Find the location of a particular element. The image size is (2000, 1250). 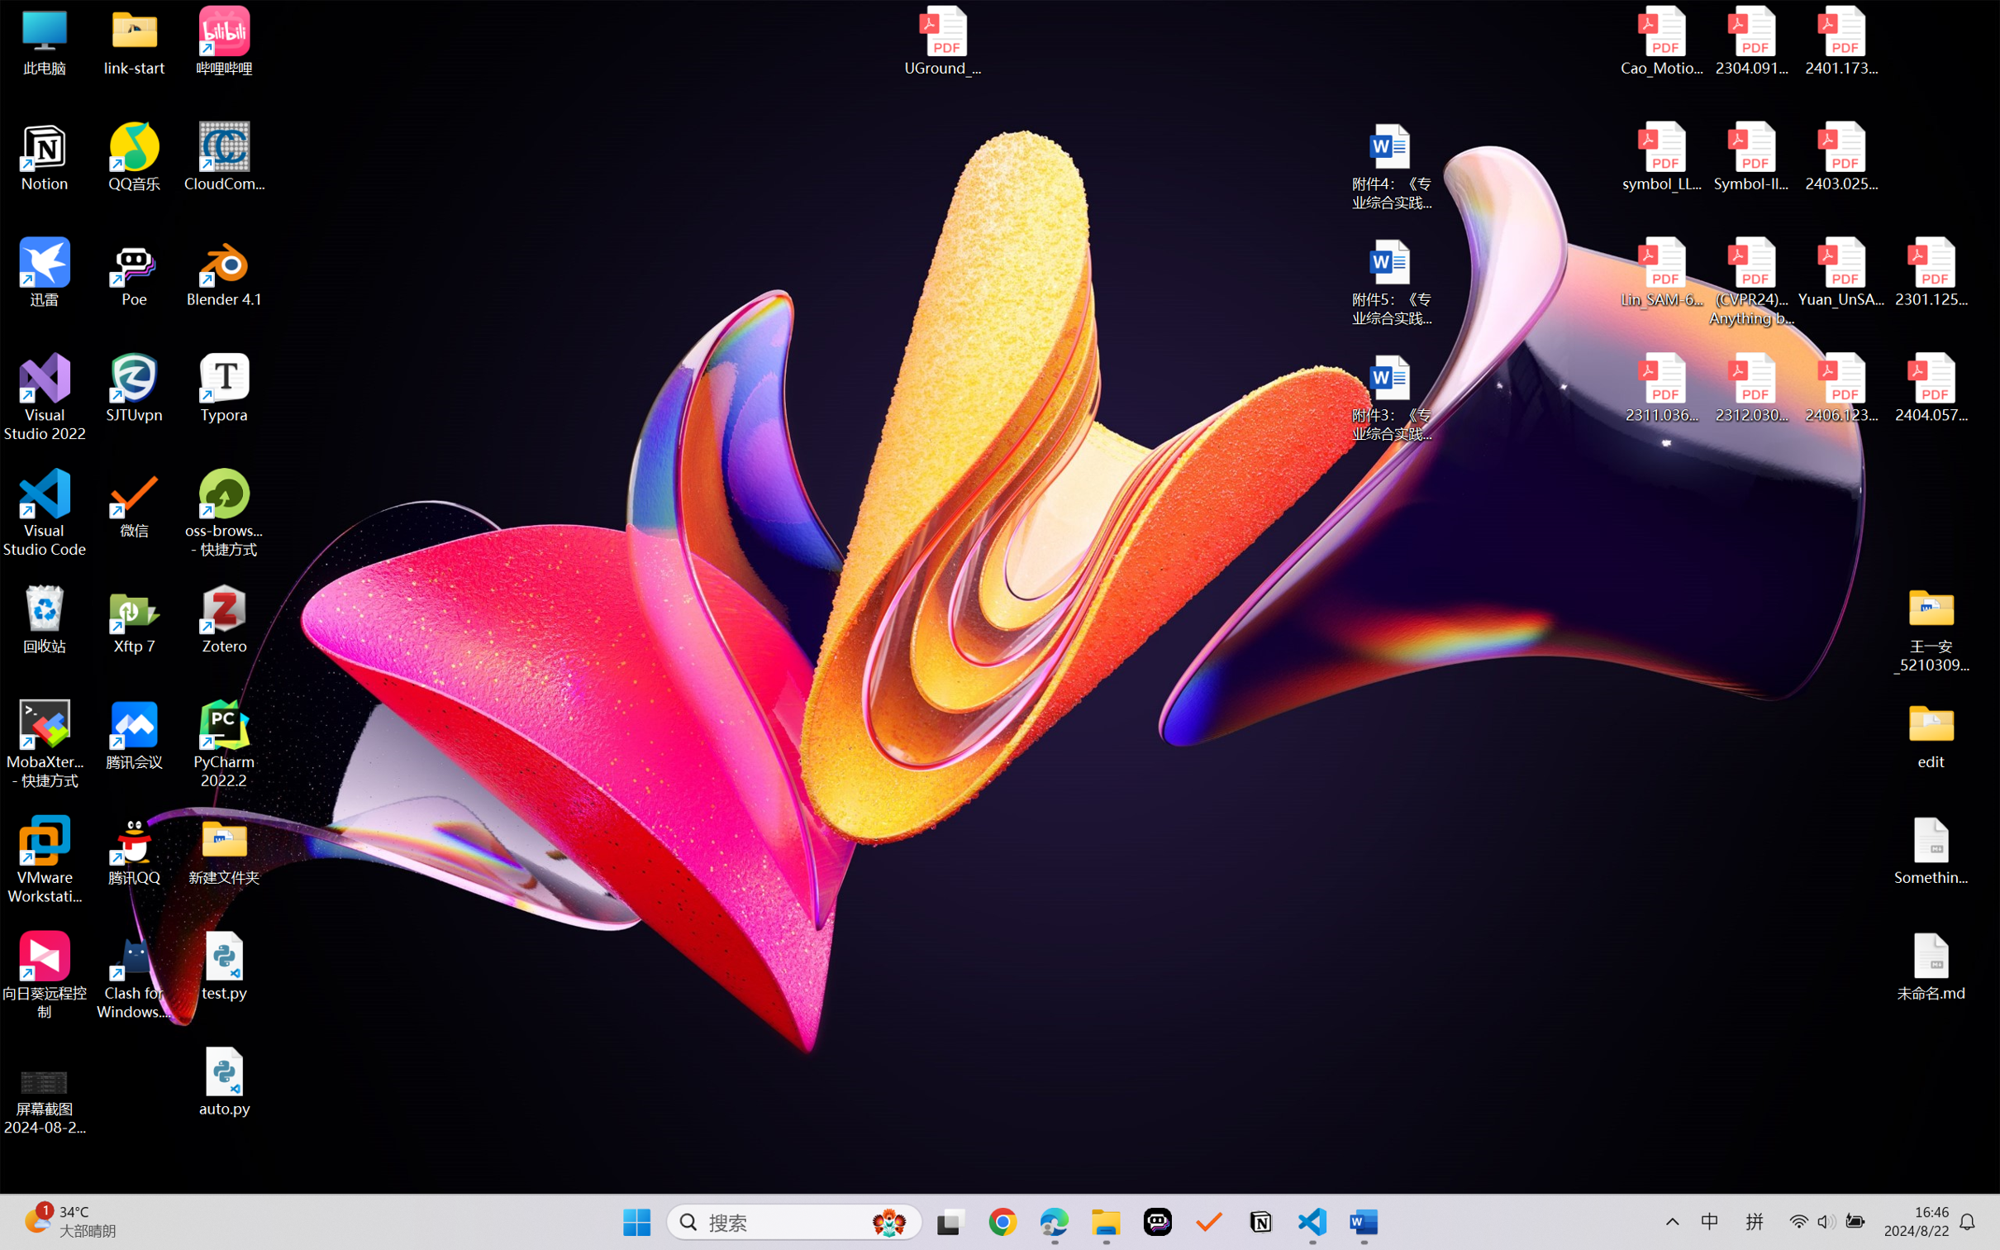

'(CVPR24)Matching Anything by Segmenting Anything.pdf' is located at coordinates (1750, 281).